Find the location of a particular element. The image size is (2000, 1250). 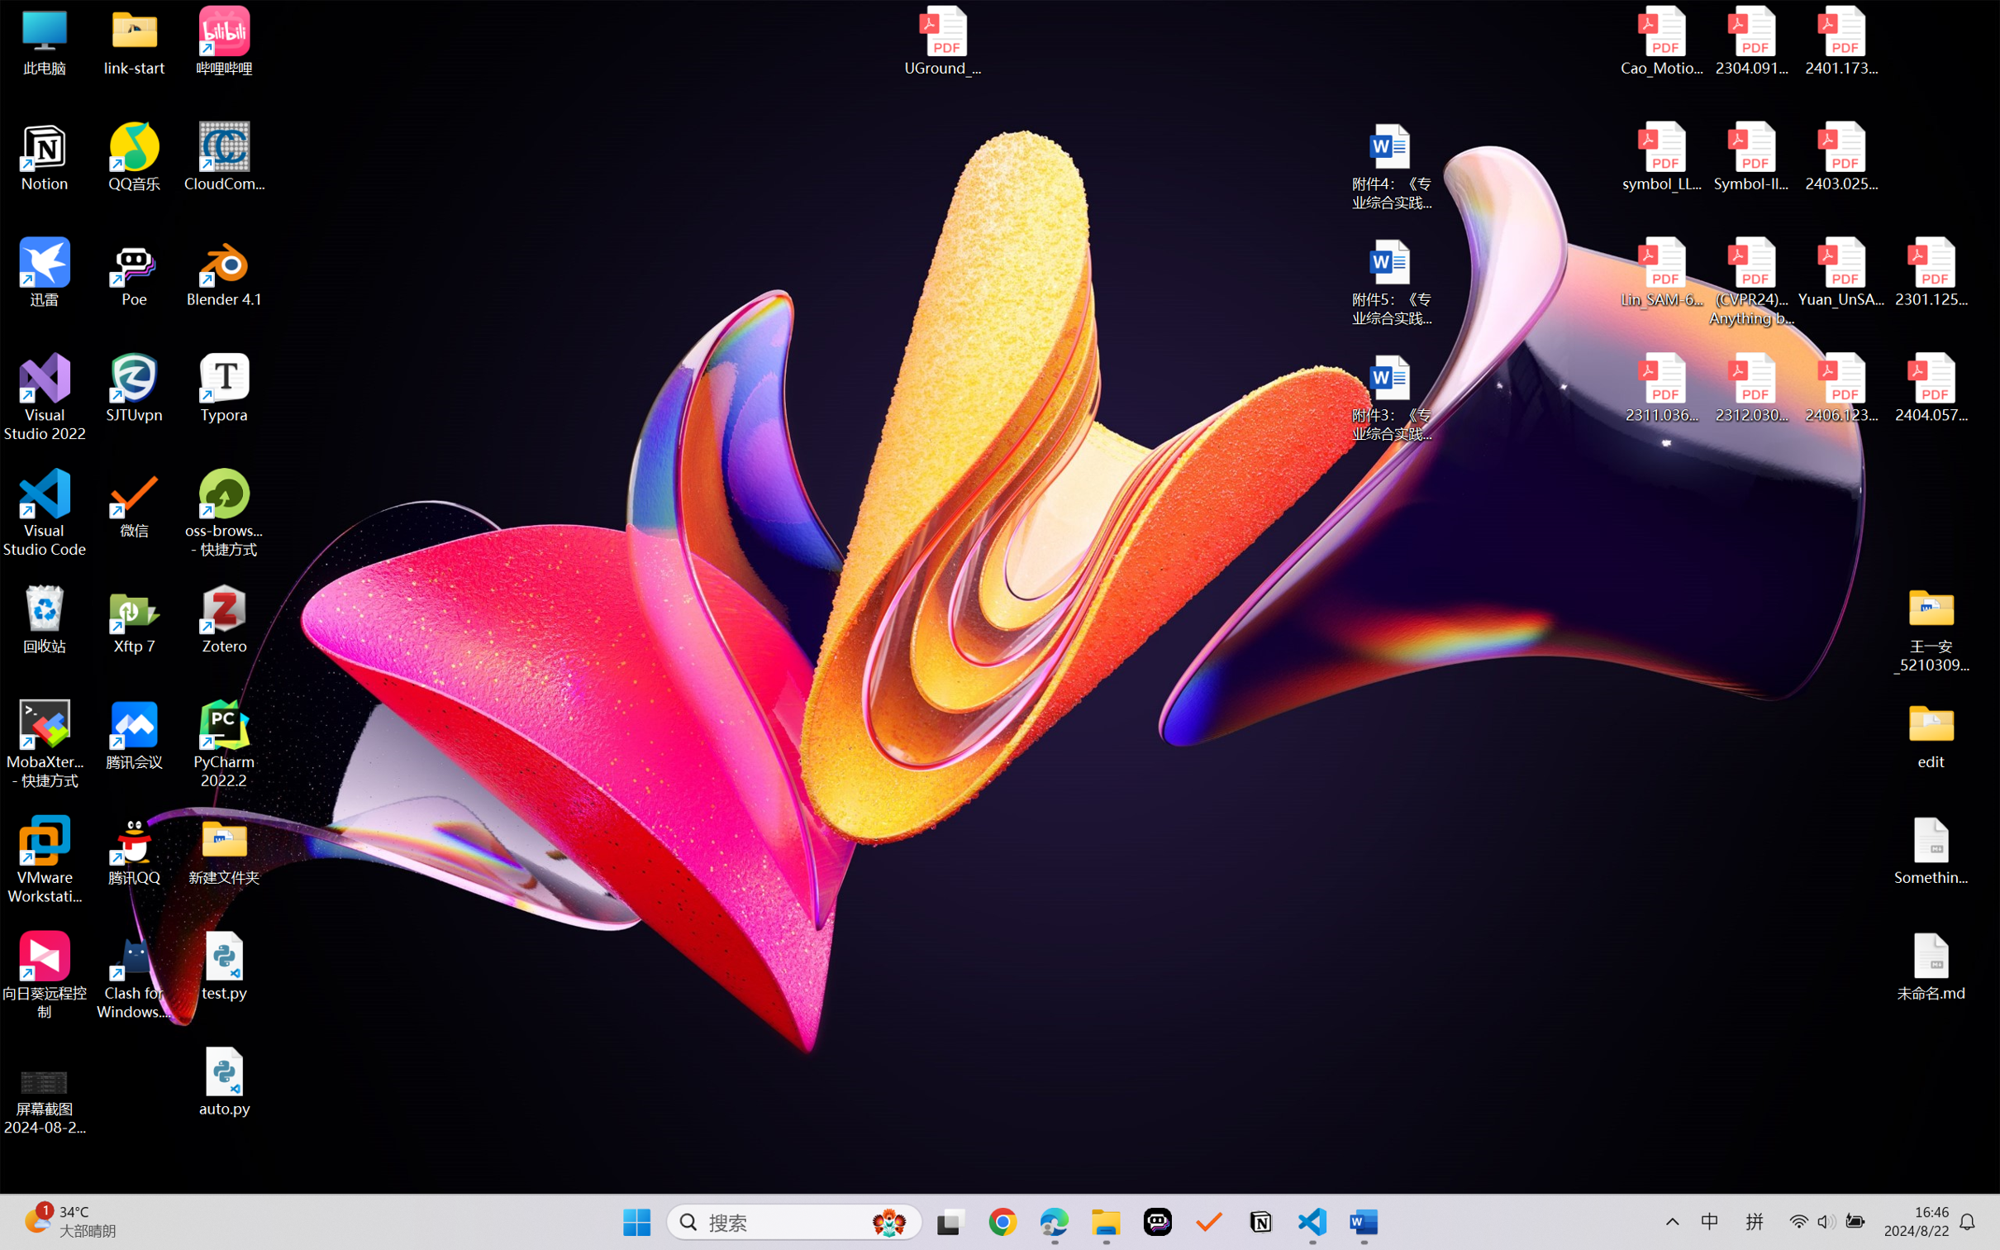

'(CVPR24)Matching Anything by Segmenting Anything.pdf' is located at coordinates (1750, 281).